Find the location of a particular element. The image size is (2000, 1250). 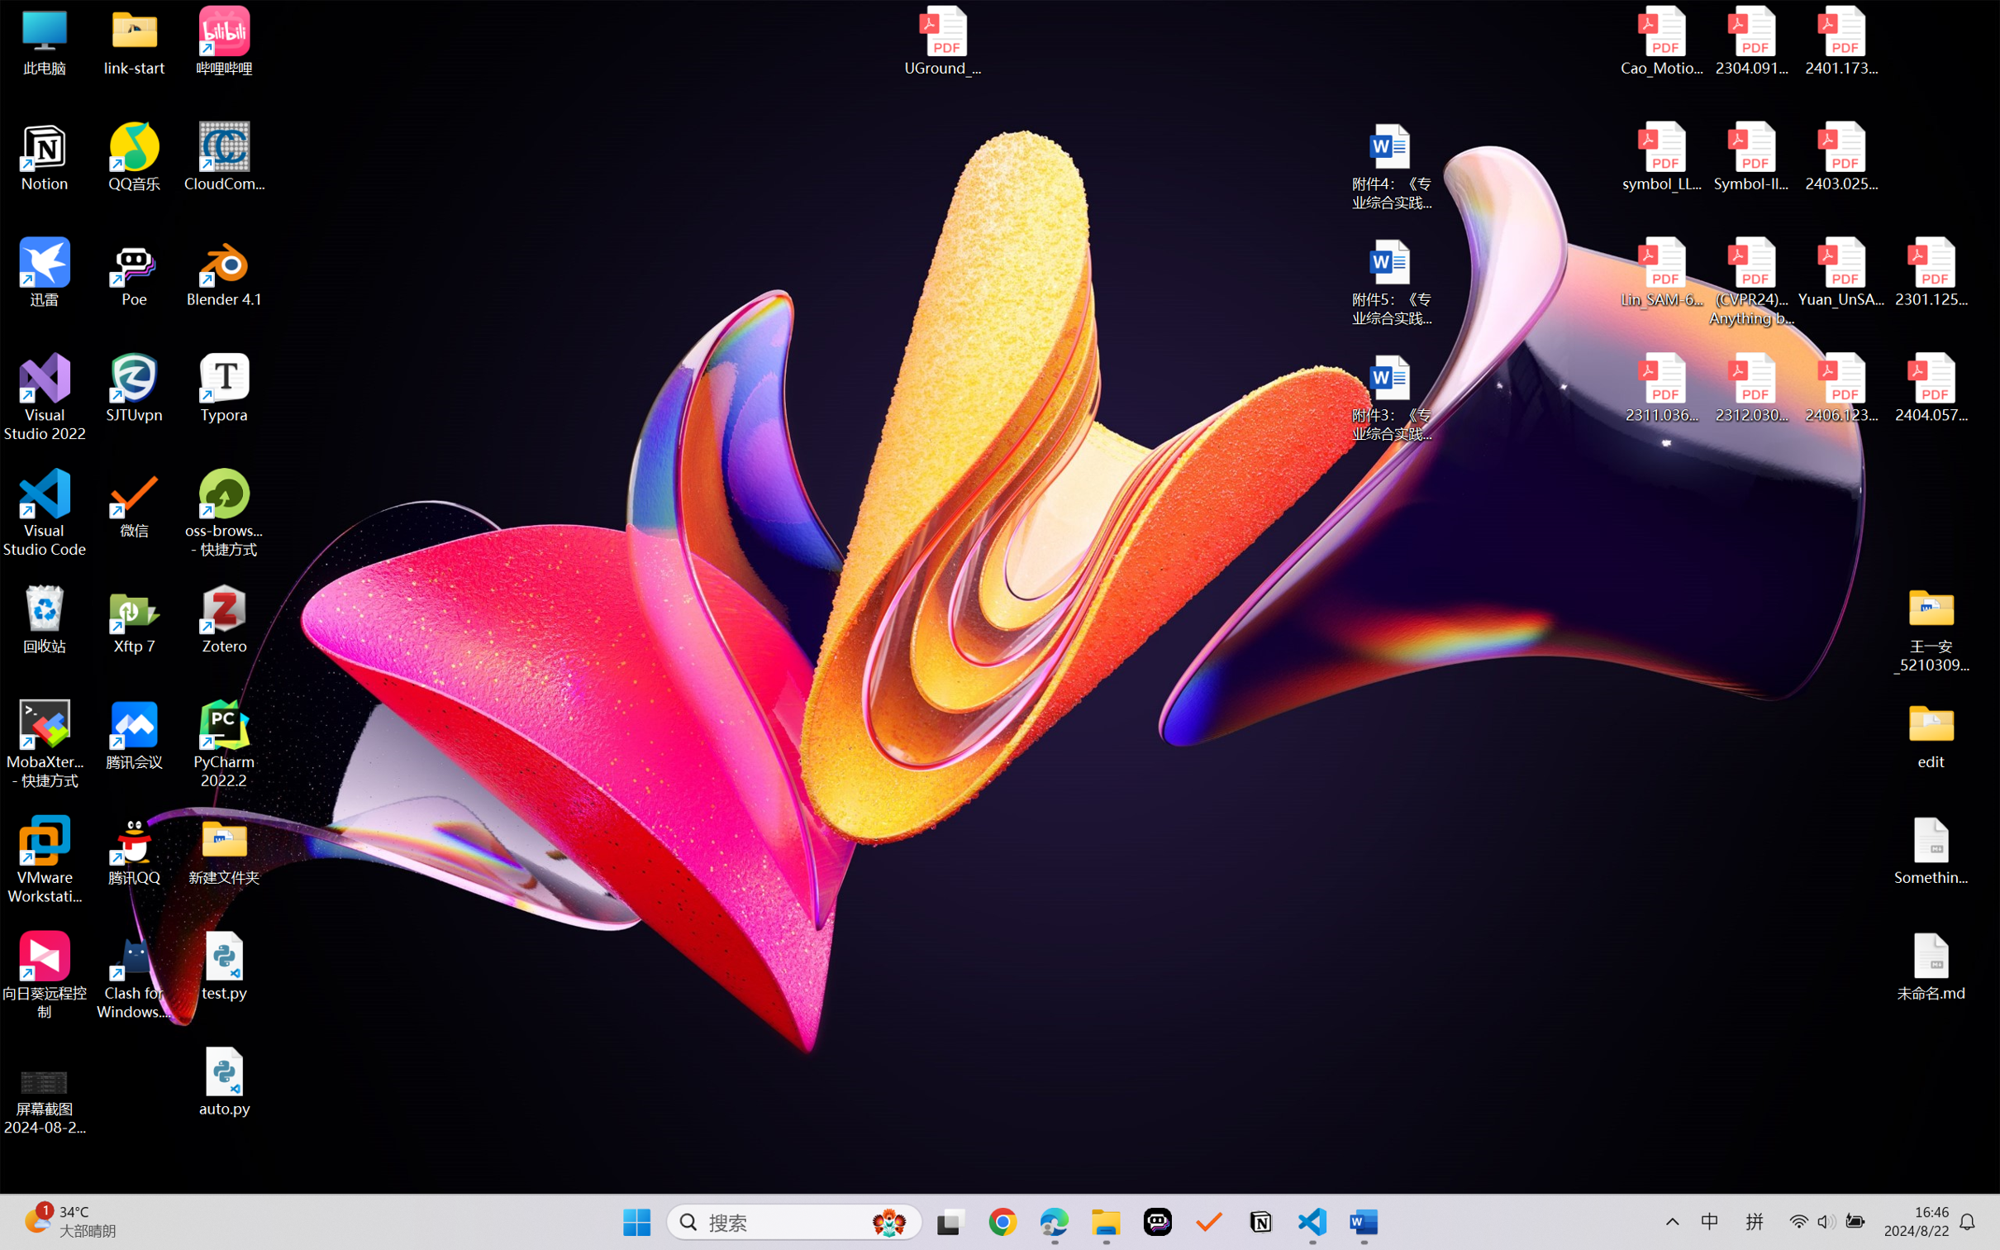

'(CVPR24)Matching Anything by Segmenting Anything.pdf' is located at coordinates (1750, 281).